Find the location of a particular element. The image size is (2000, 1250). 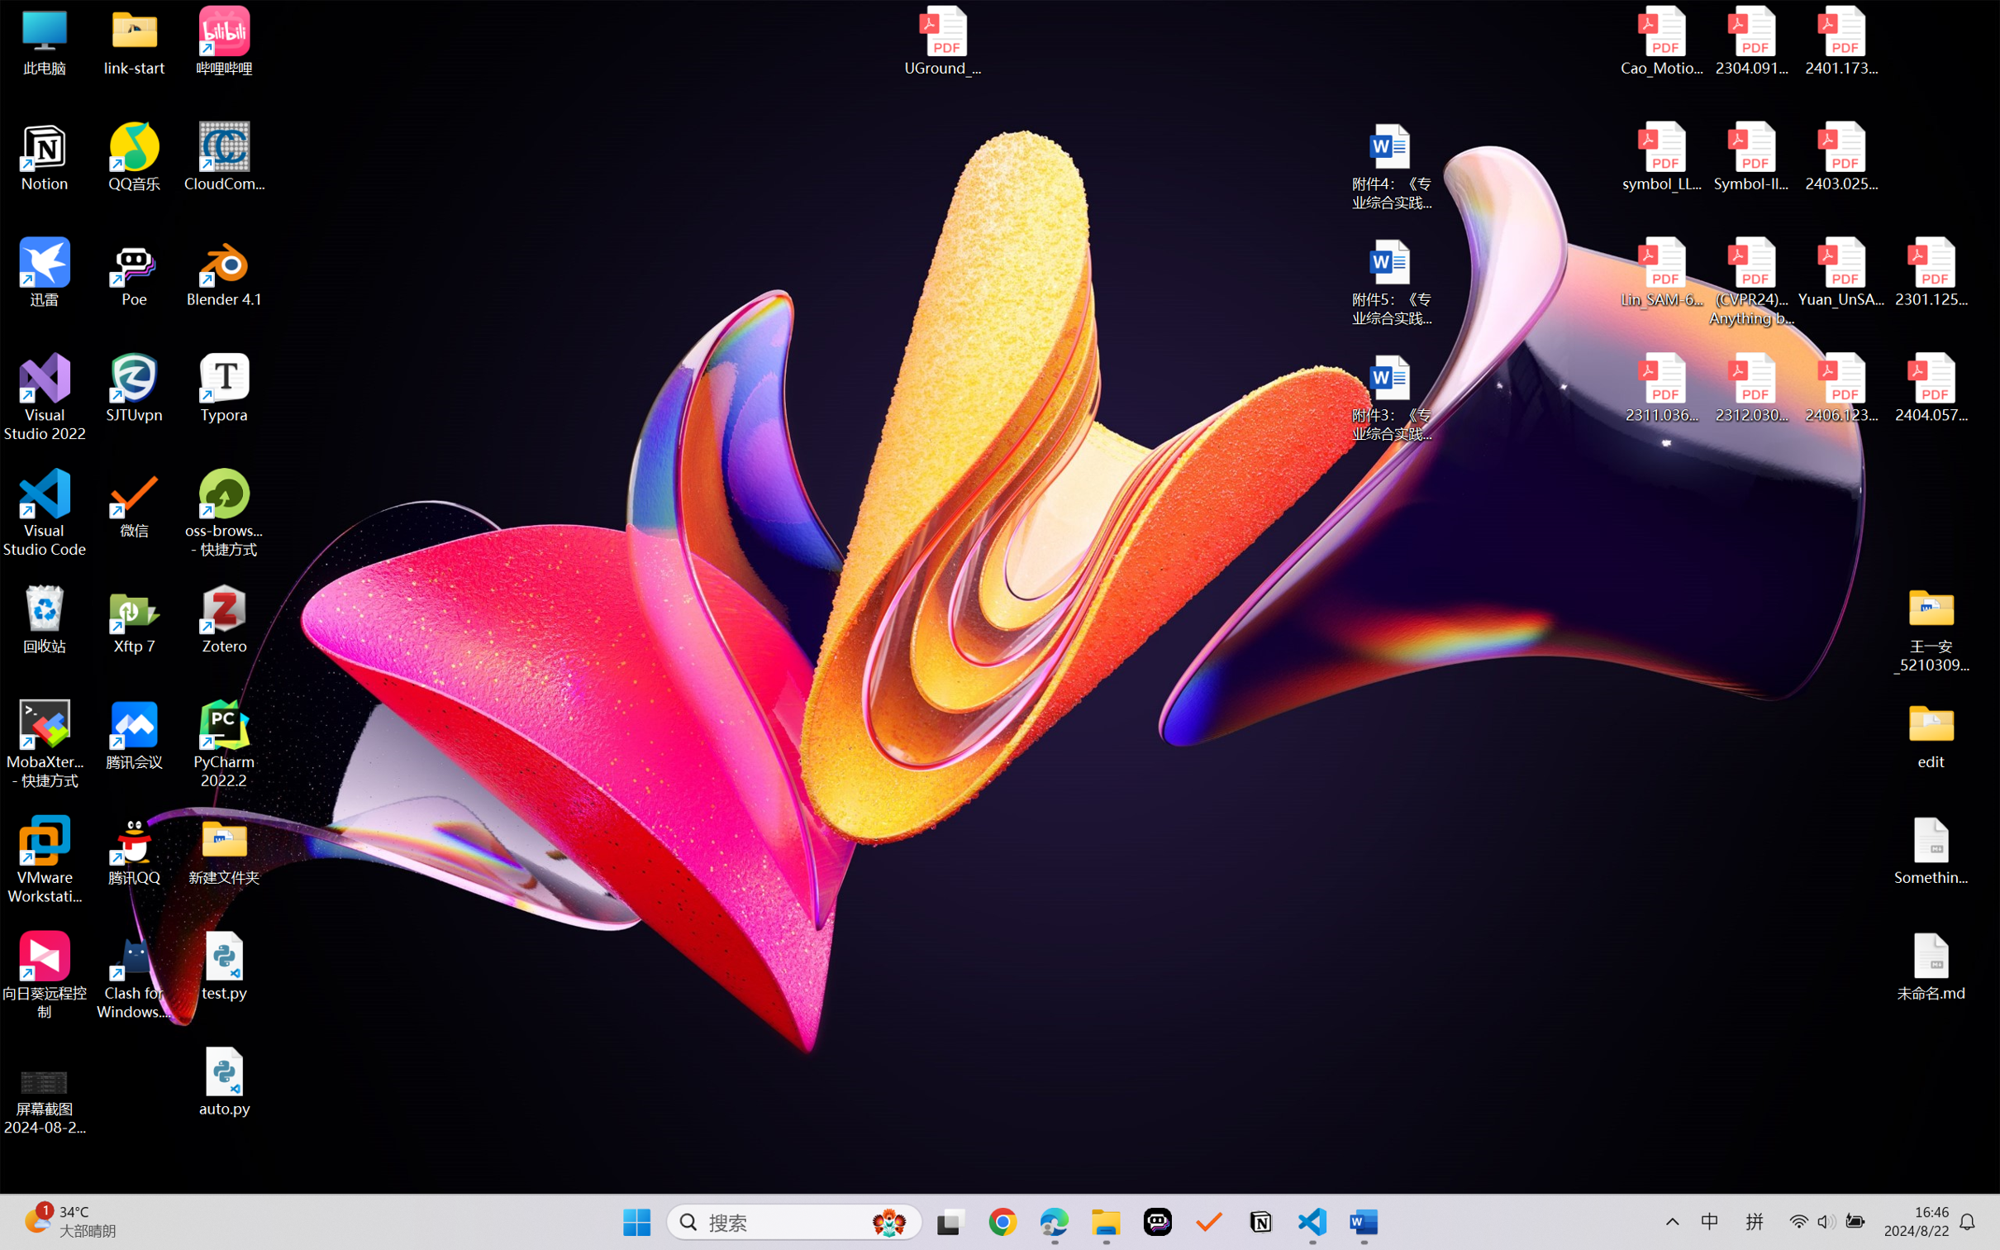

'(CVPR24)Matching Anything by Segmenting Anything.pdf' is located at coordinates (1750, 281).